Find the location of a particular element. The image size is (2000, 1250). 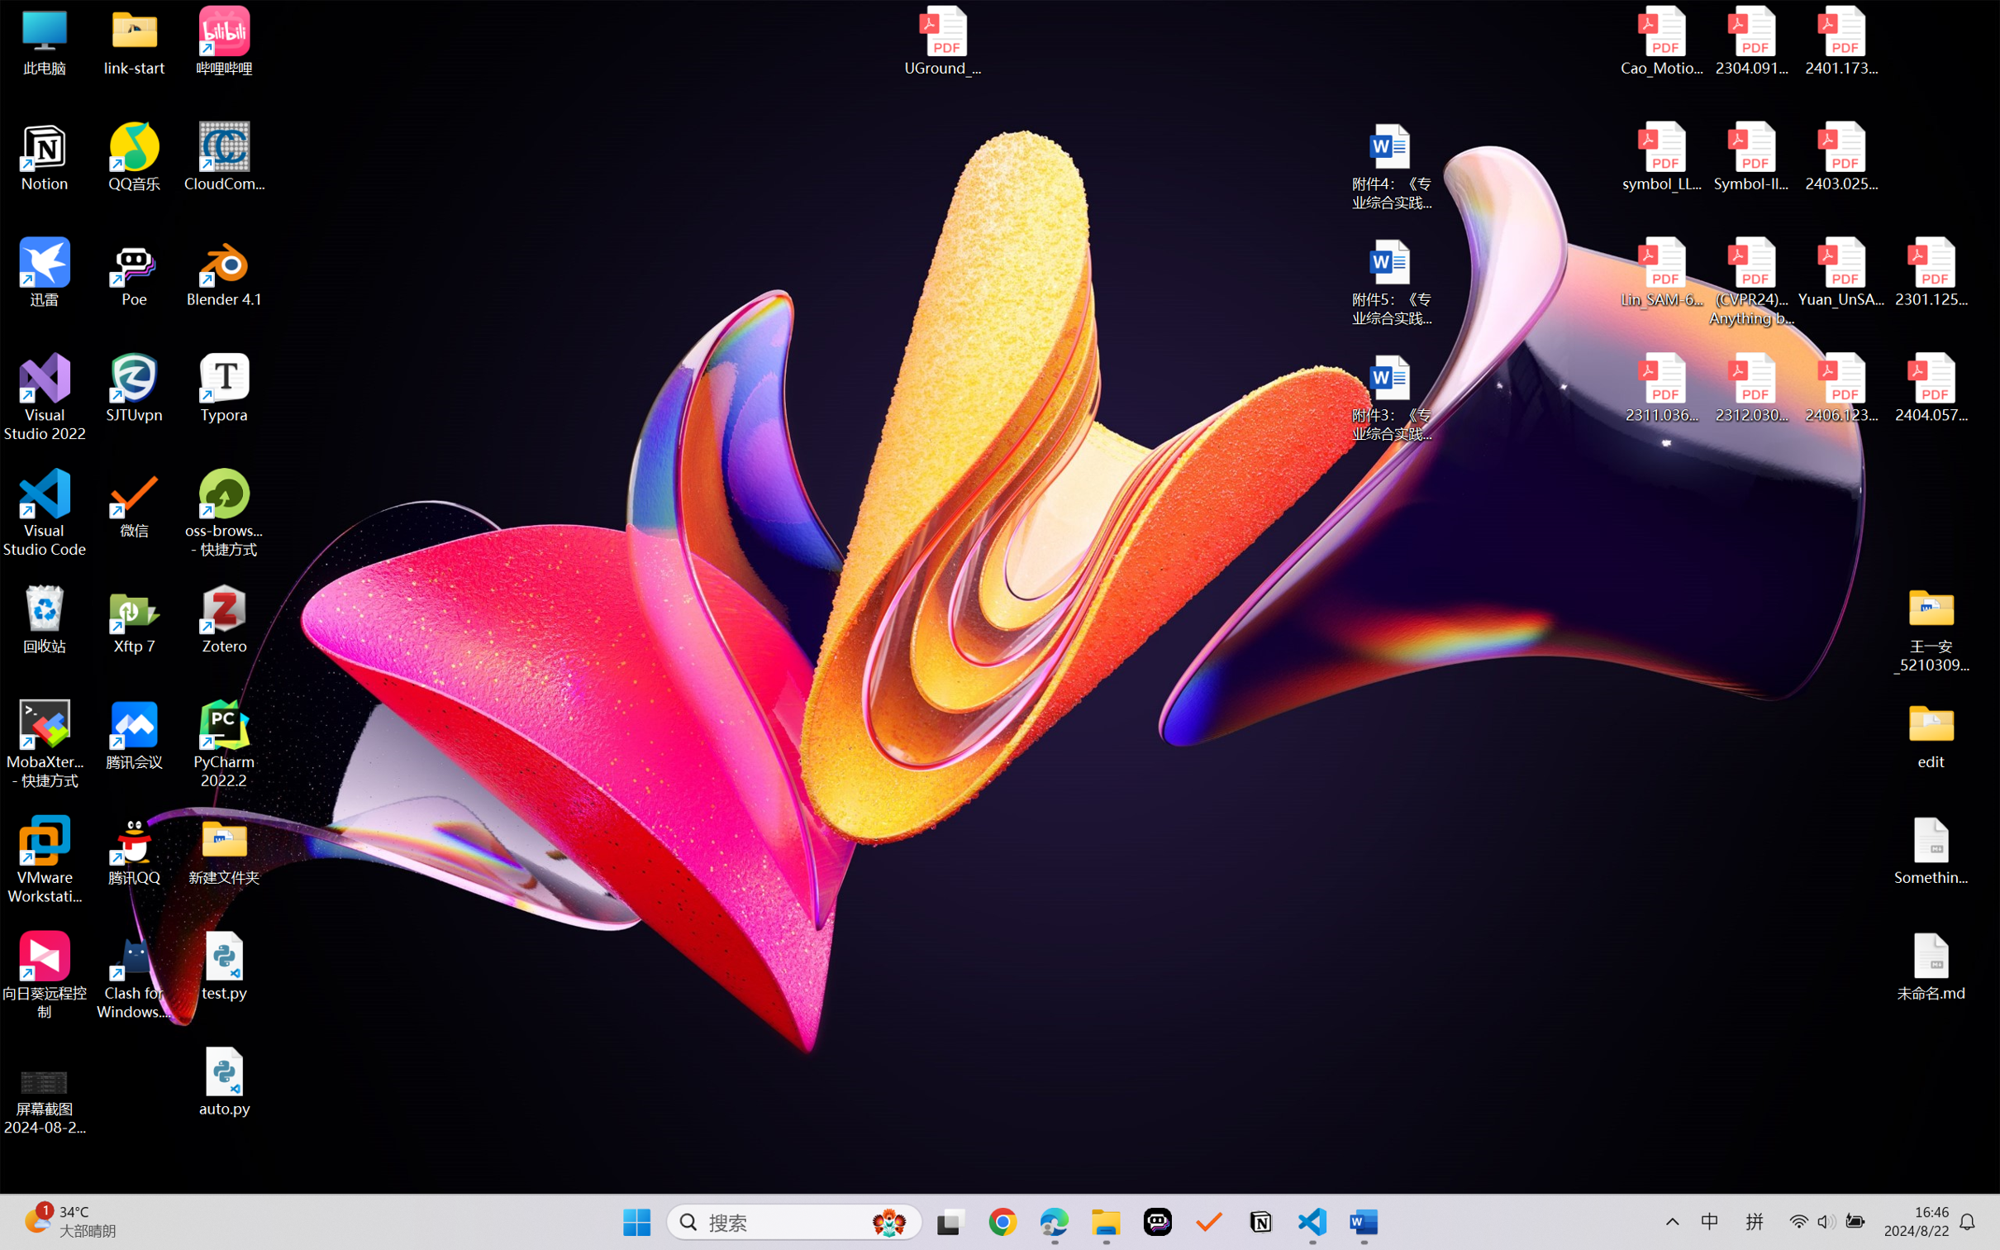

'(CVPR24)Matching Anything by Segmenting Anything.pdf' is located at coordinates (1750, 281).